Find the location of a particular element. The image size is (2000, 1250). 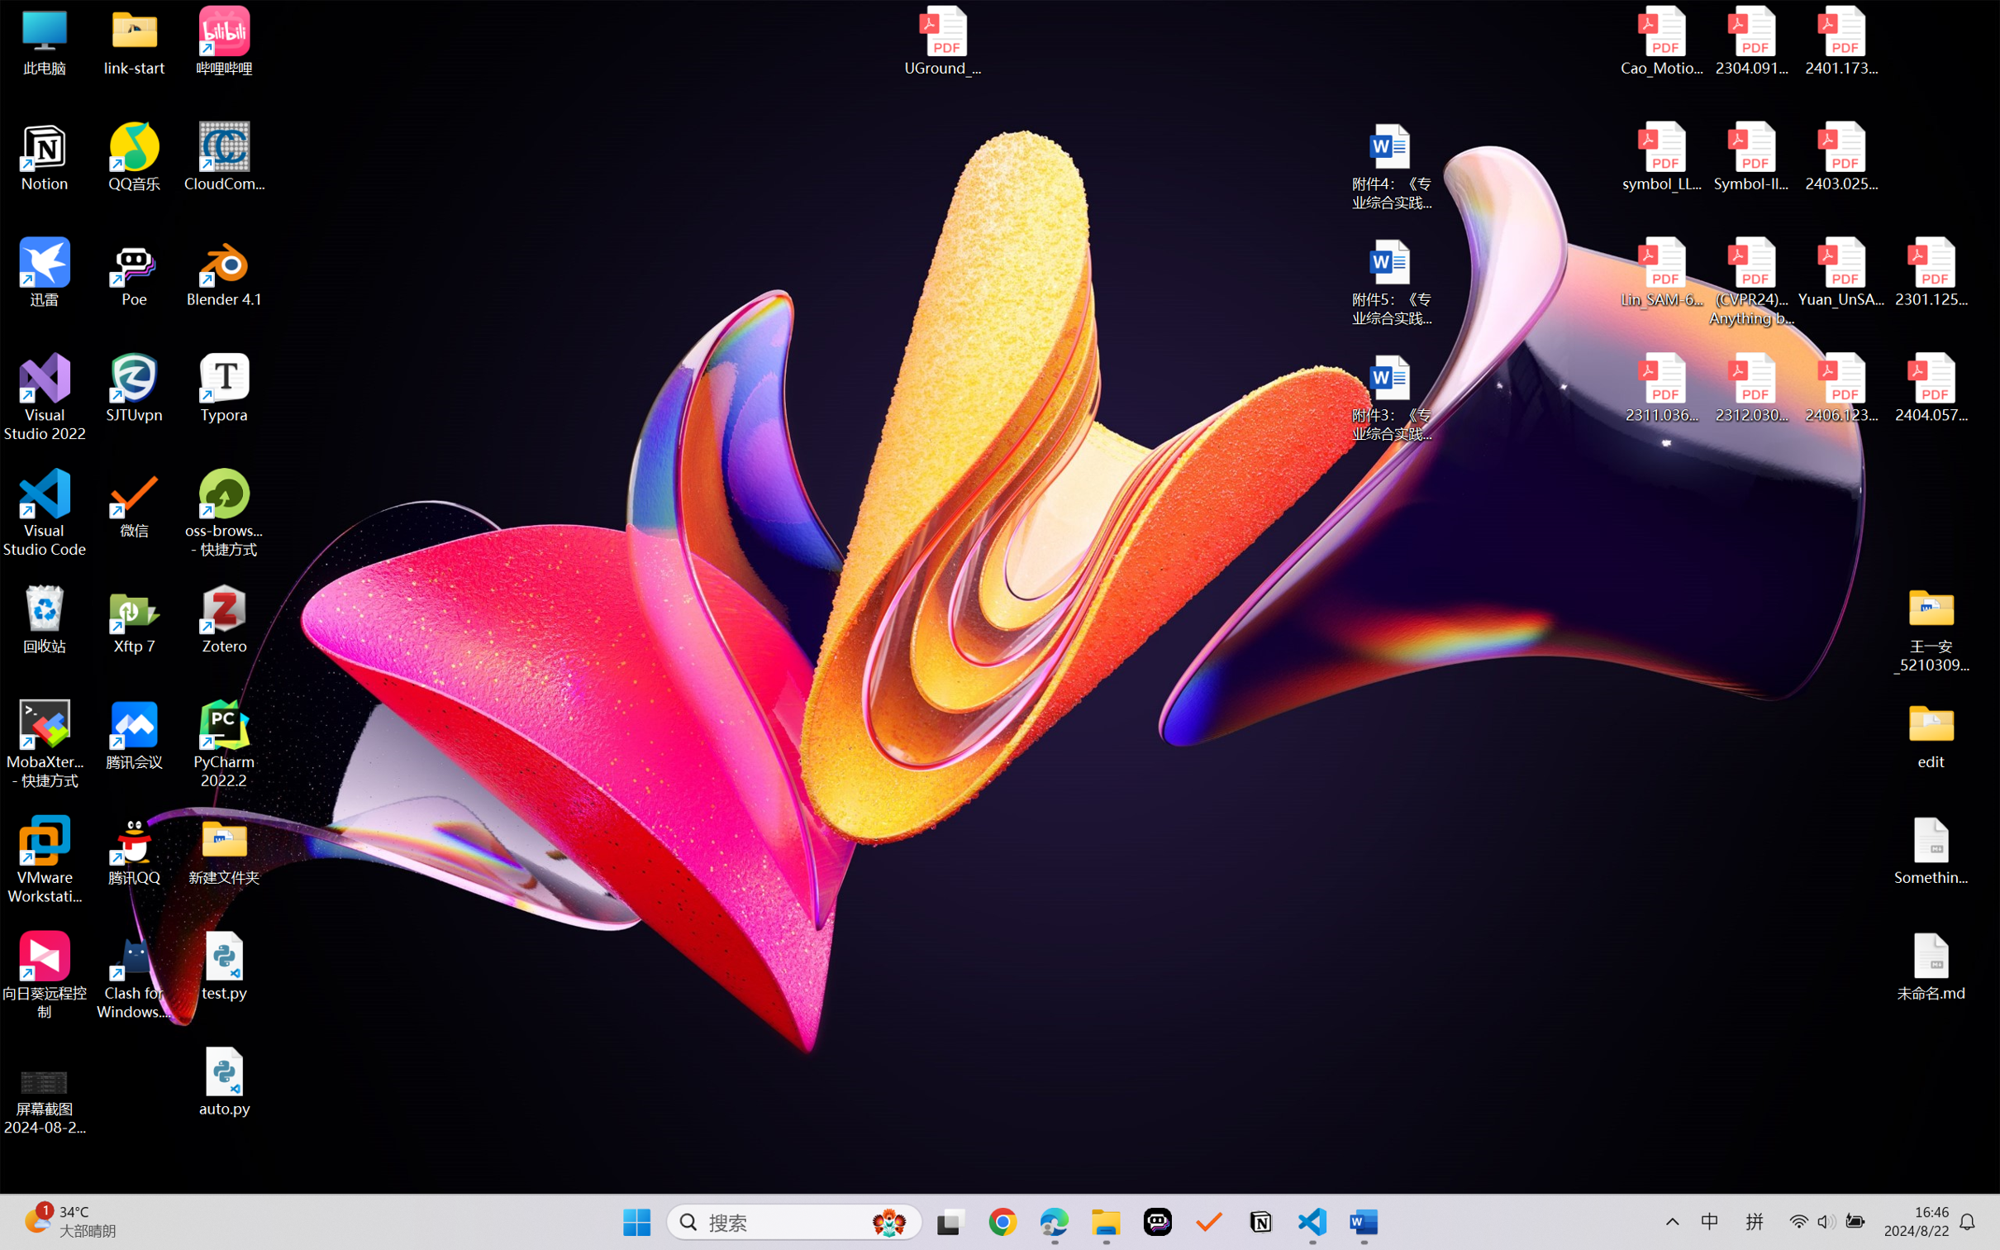

'(CVPR24)Matching Anything by Segmenting Anything.pdf' is located at coordinates (1750, 281).